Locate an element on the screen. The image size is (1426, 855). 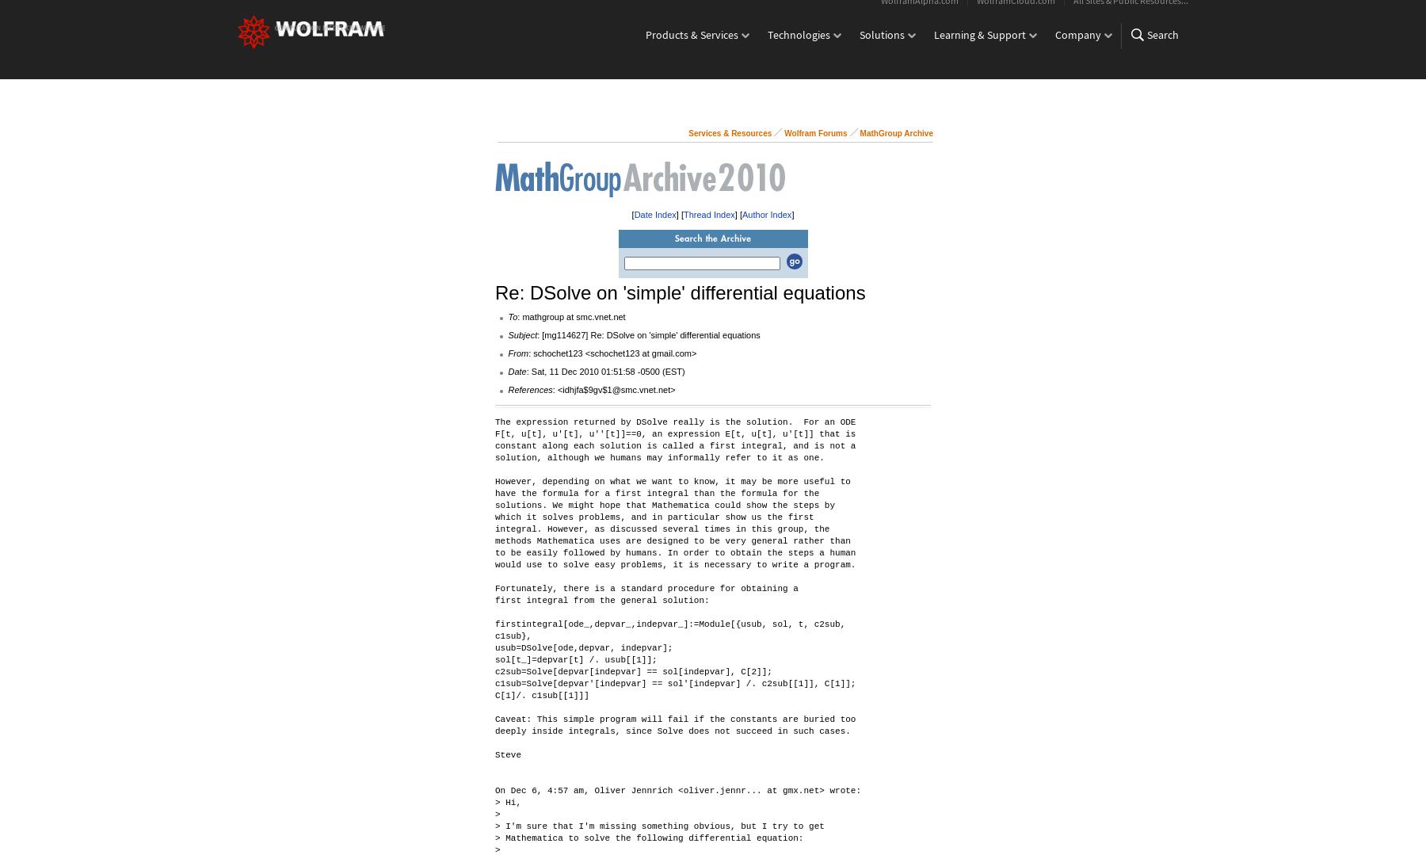
'Technologies' is located at coordinates (798, 44).